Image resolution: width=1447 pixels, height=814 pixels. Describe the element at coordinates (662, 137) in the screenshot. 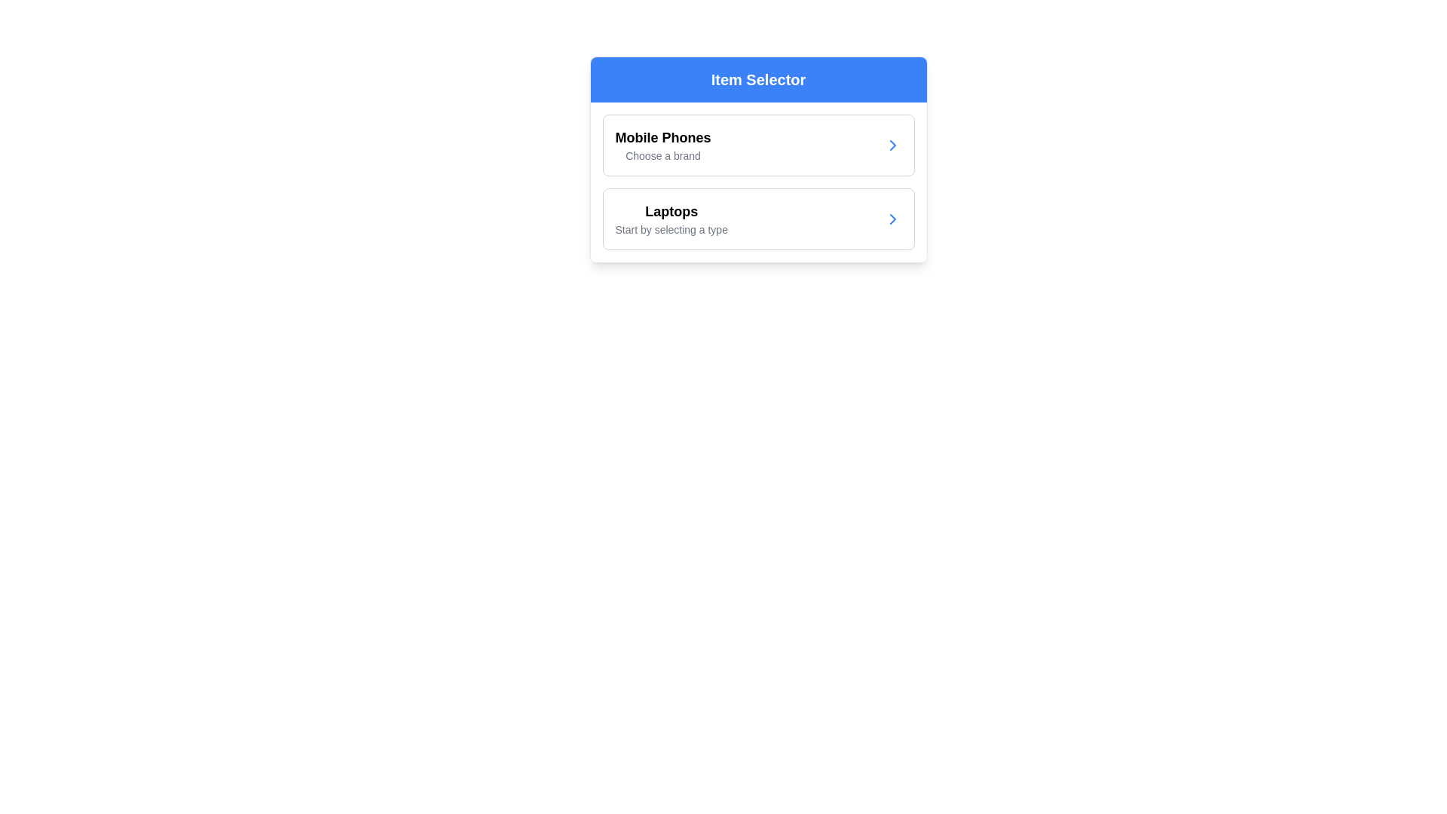

I see `the 'Mobile Phones' text label, which is prominently displayed in a large, bold black font against a white background, located in the first menu option under 'Item Selector'` at that location.